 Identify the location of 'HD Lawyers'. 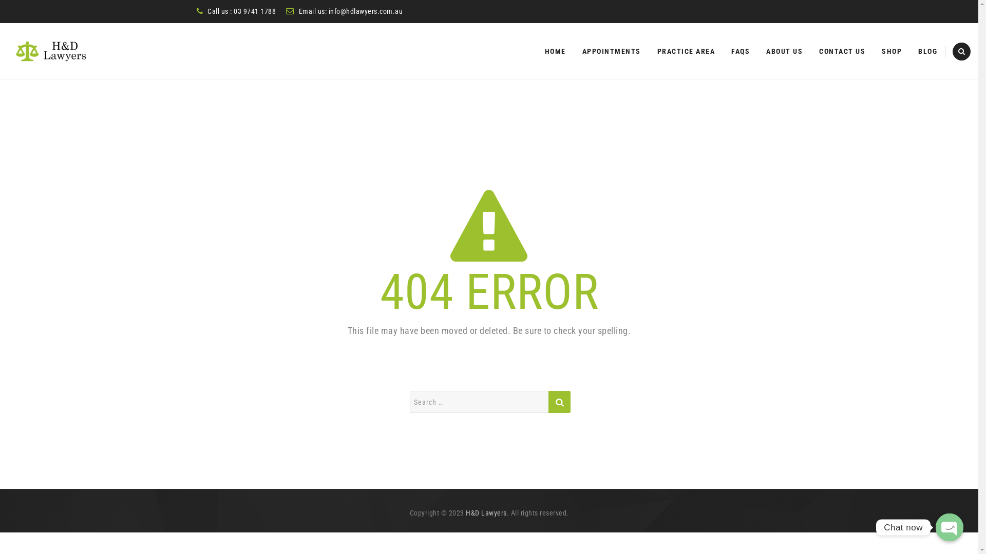
(51, 51).